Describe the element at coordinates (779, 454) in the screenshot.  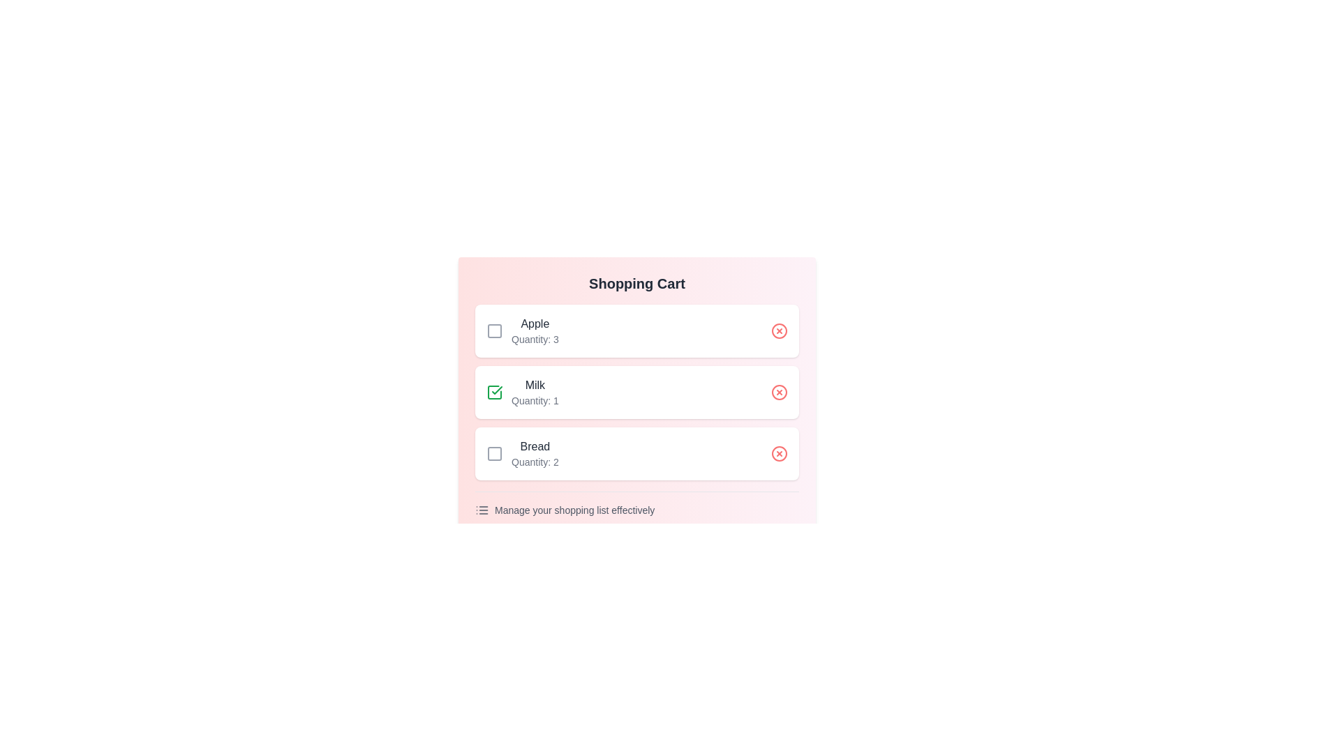
I see `delete button for the item Bread in the shopping cart` at that location.